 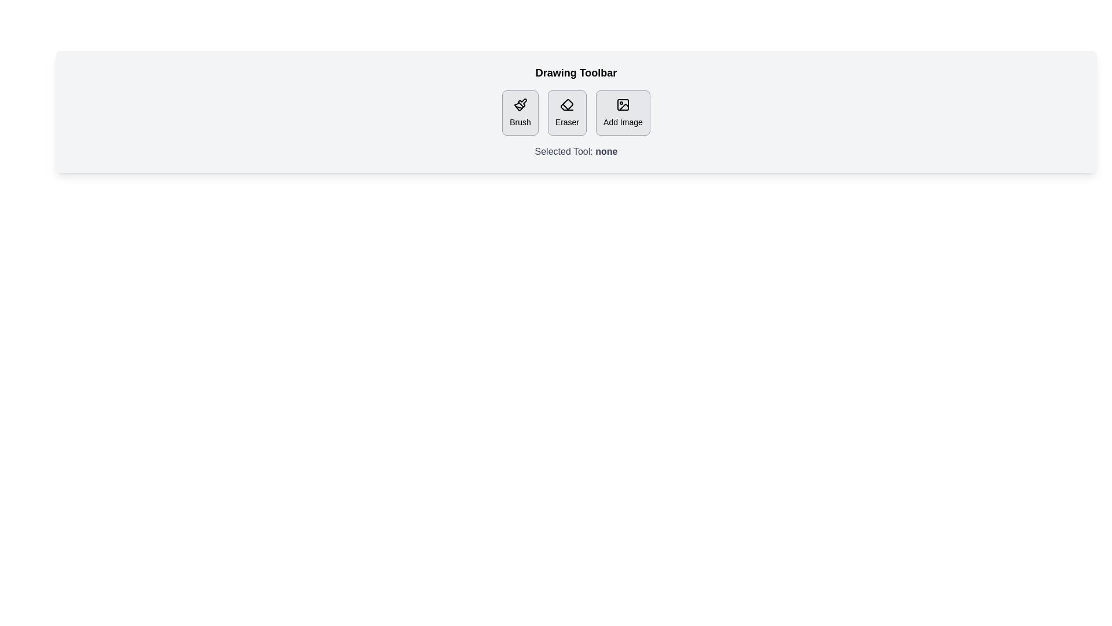 What do you see at coordinates (534, 151) in the screenshot?
I see `the mouse over the text 'Selected Tool: none' to highlight it` at bounding box center [534, 151].